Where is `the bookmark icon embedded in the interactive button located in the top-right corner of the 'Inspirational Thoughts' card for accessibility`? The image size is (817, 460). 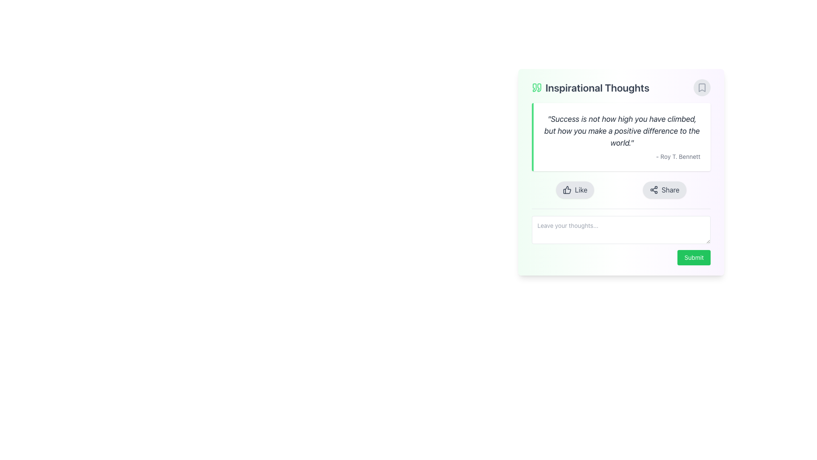 the bookmark icon embedded in the interactive button located in the top-right corner of the 'Inspirational Thoughts' card for accessibility is located at coordinates (702, 87).